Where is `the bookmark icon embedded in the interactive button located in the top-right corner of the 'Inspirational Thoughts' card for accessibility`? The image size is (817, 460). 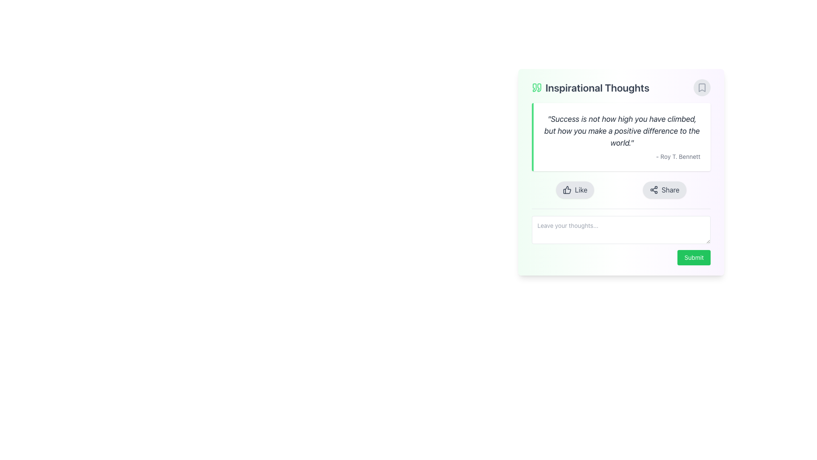 the bookmark icon embedded in the interactive button located in the top-right corner of the 'Inspirational Thoughts' card for accessibility is located at coordinates (702, 87).